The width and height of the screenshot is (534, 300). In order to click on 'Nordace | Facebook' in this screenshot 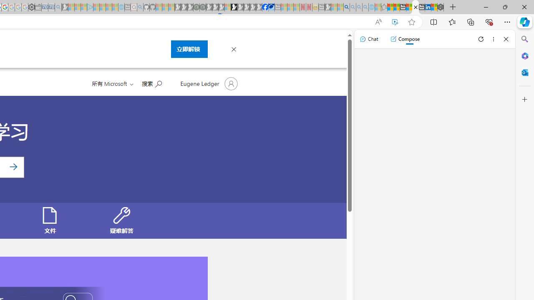, I will do `click(264, 7)`.